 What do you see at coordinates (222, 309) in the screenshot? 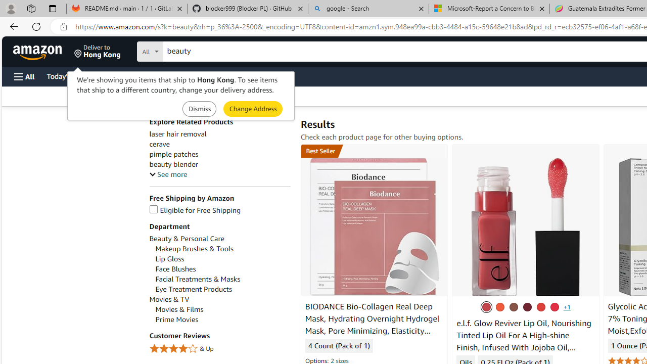
I see `'Movies & Films'` at bounding box center [222, 309].